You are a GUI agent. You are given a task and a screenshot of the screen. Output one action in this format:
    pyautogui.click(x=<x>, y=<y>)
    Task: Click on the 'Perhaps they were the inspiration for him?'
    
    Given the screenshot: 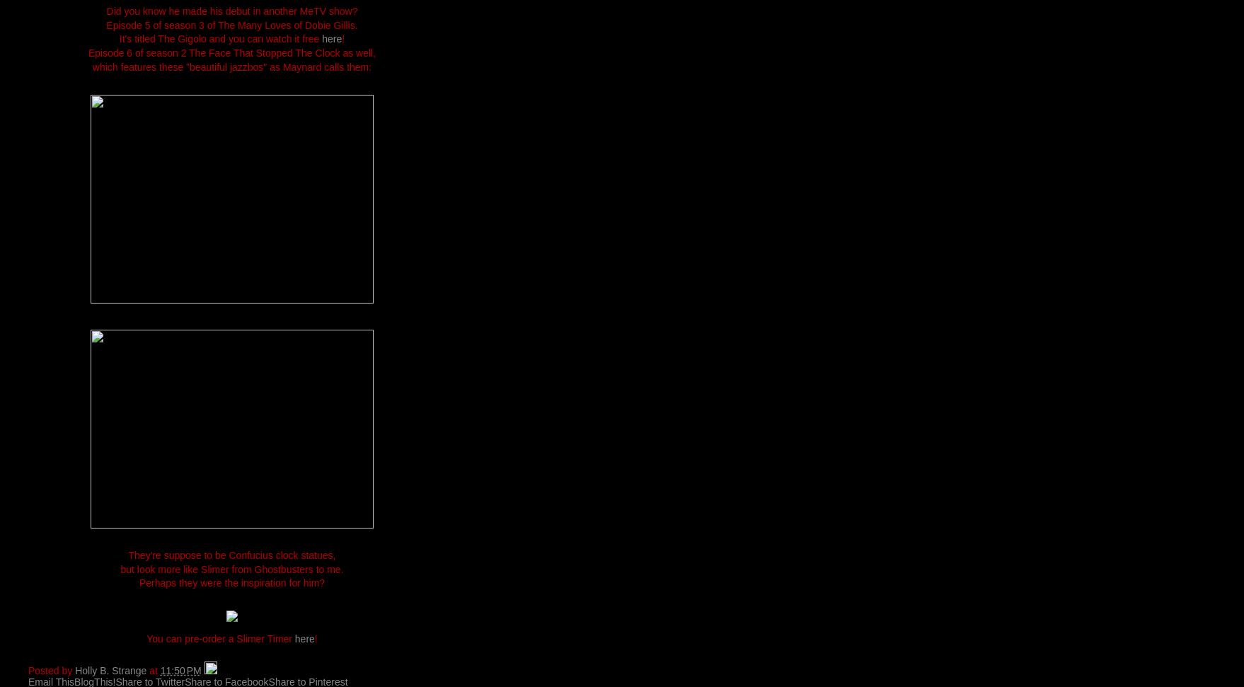 What is the action you would take?
    pyautogui.click(x=231, y=582)
    